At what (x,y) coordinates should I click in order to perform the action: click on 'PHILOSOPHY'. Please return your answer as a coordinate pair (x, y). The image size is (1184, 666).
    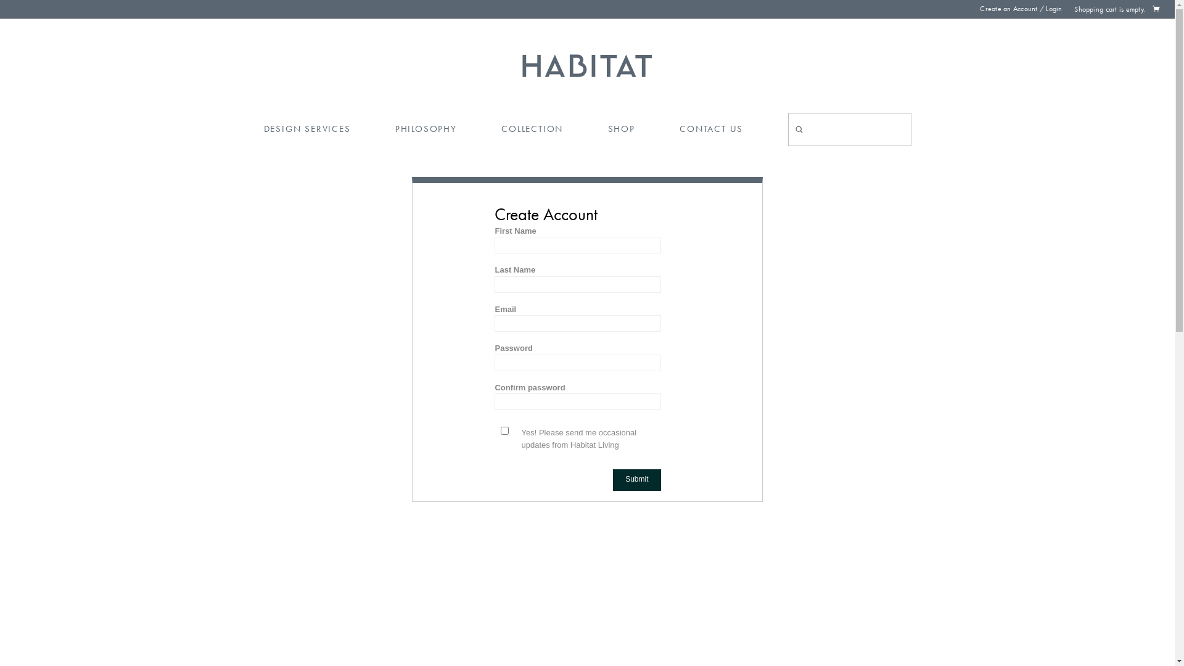
    Looking at the image, I should click on (426, 129).